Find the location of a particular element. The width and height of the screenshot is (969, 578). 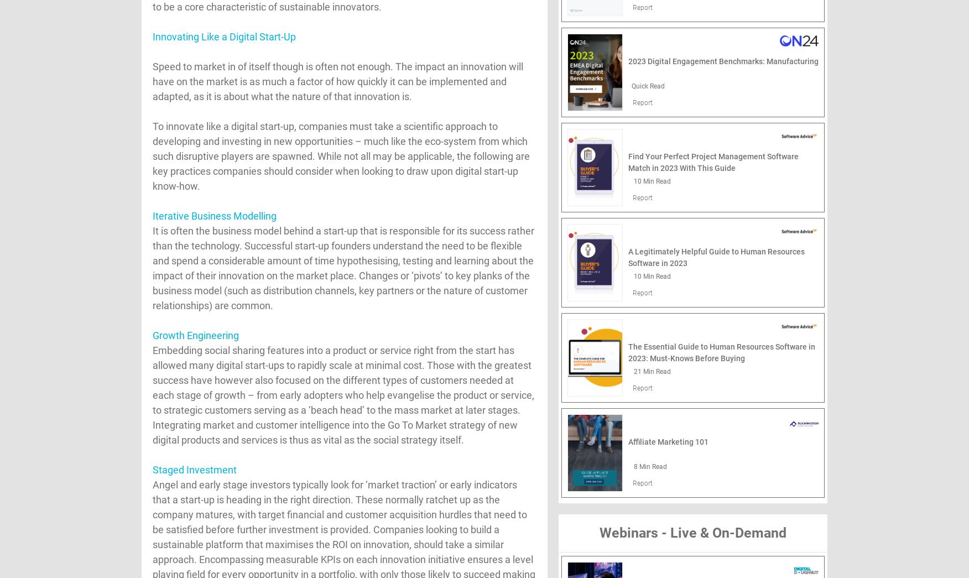

'Iterative Business Modelling' is located at coordinates (214, 215).